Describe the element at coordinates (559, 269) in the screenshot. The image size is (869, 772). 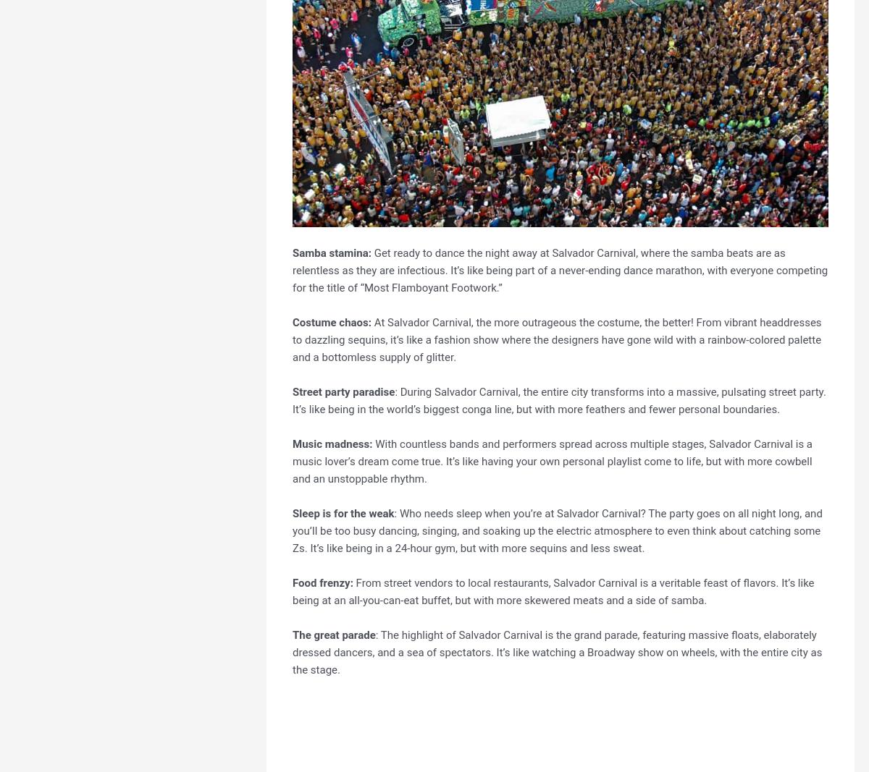
I see `'Get ready to dance the night away at Salvador Carnival, where the samba beats are as relentless as they are infectious. It’s like being part of a never-ending dance marathon, with everyone competing for the title of “Most Flamboyant Footwork.”'` at that location.